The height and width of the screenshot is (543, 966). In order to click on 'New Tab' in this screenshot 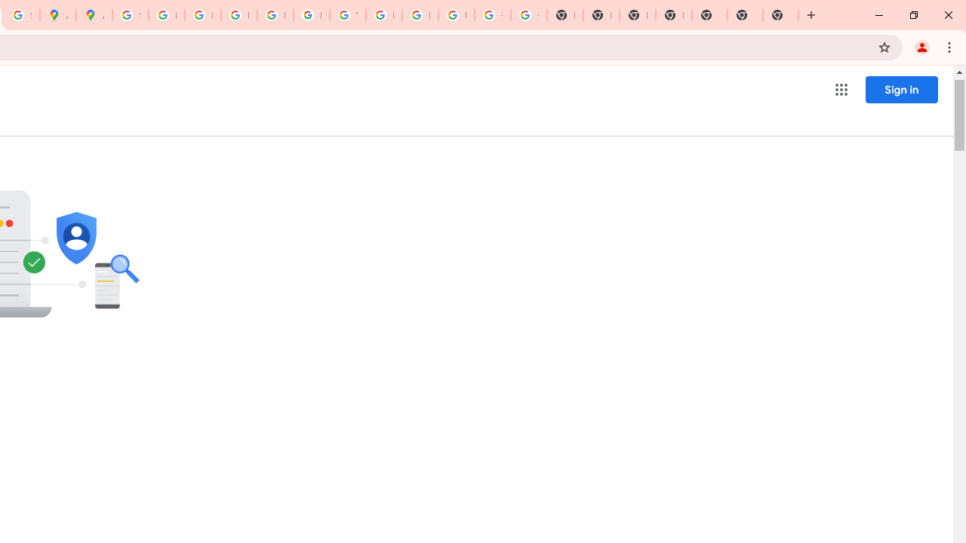, I will do `click(811, 15)`.